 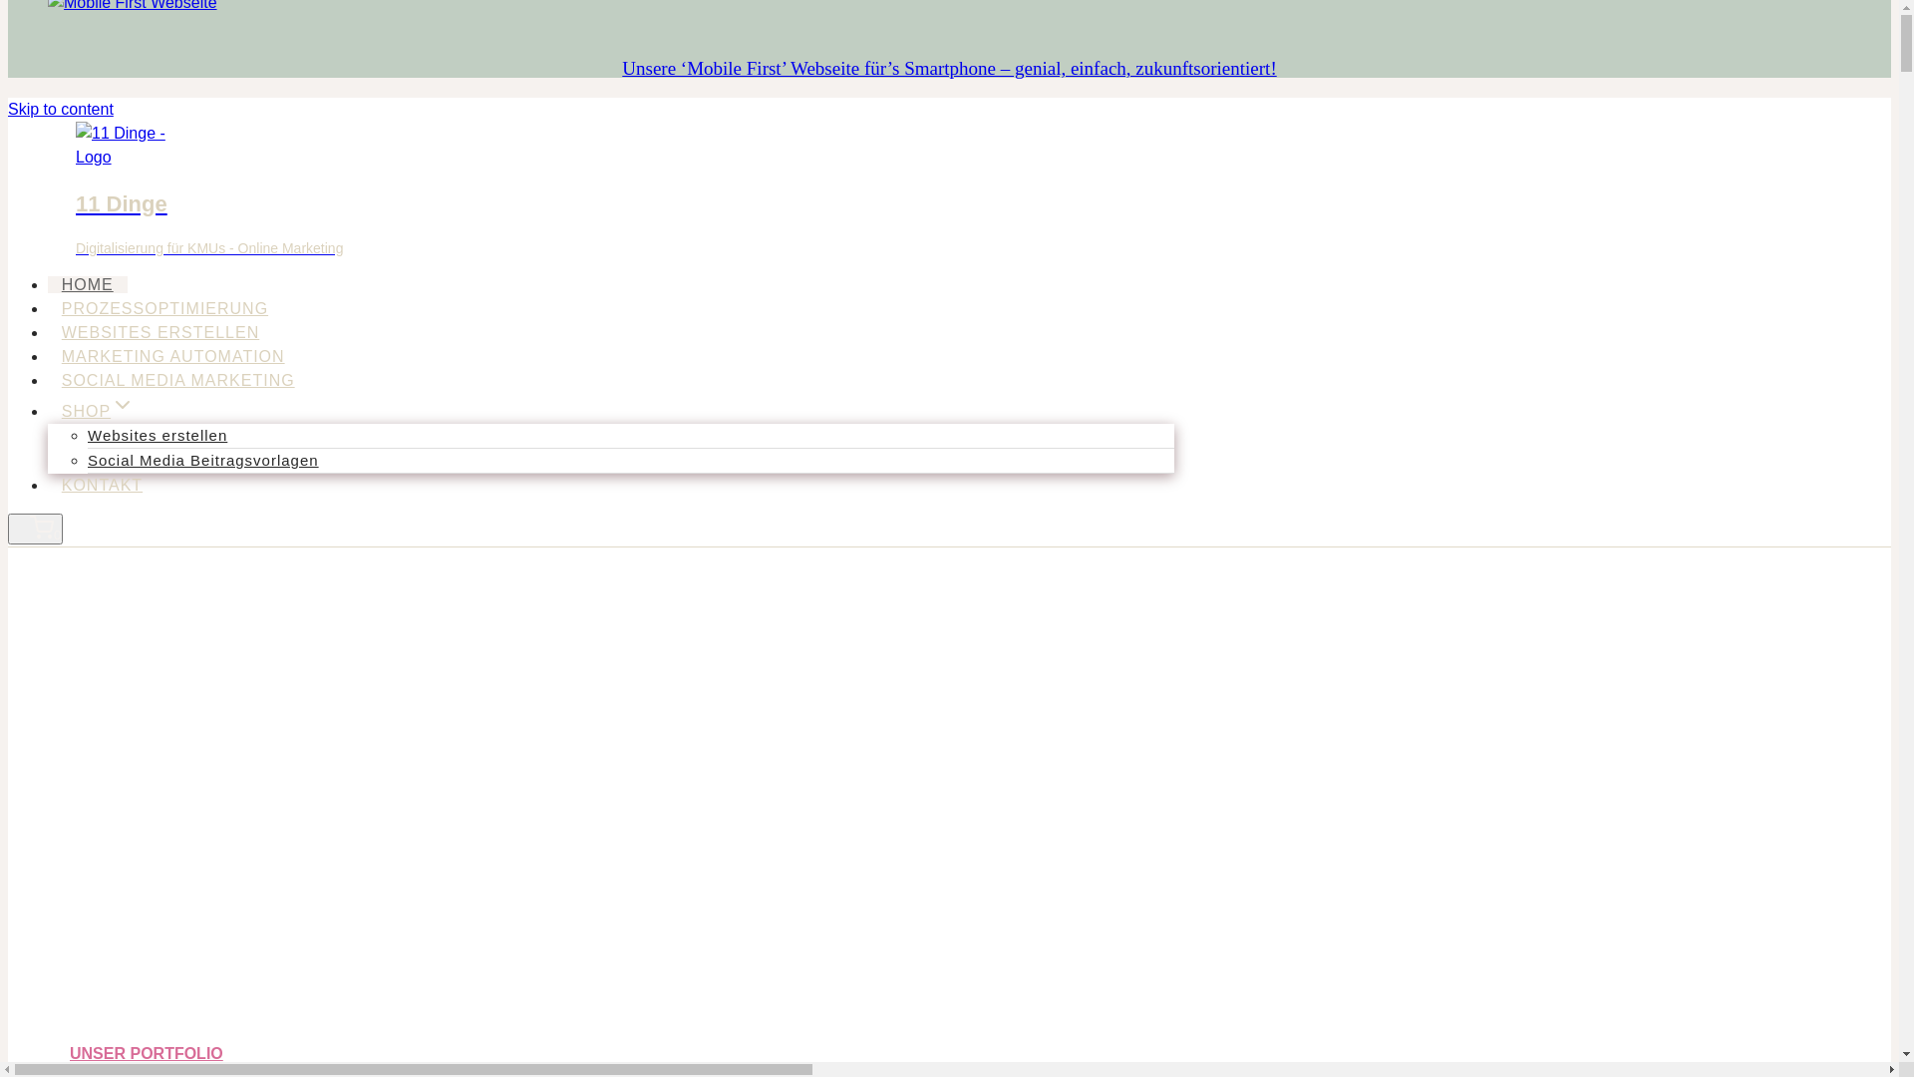 What do you see at coordinates (160, 331) in the screenshot?
I see `'WEBSITES ERSTELLEN'` at bounding box center [160, 331].